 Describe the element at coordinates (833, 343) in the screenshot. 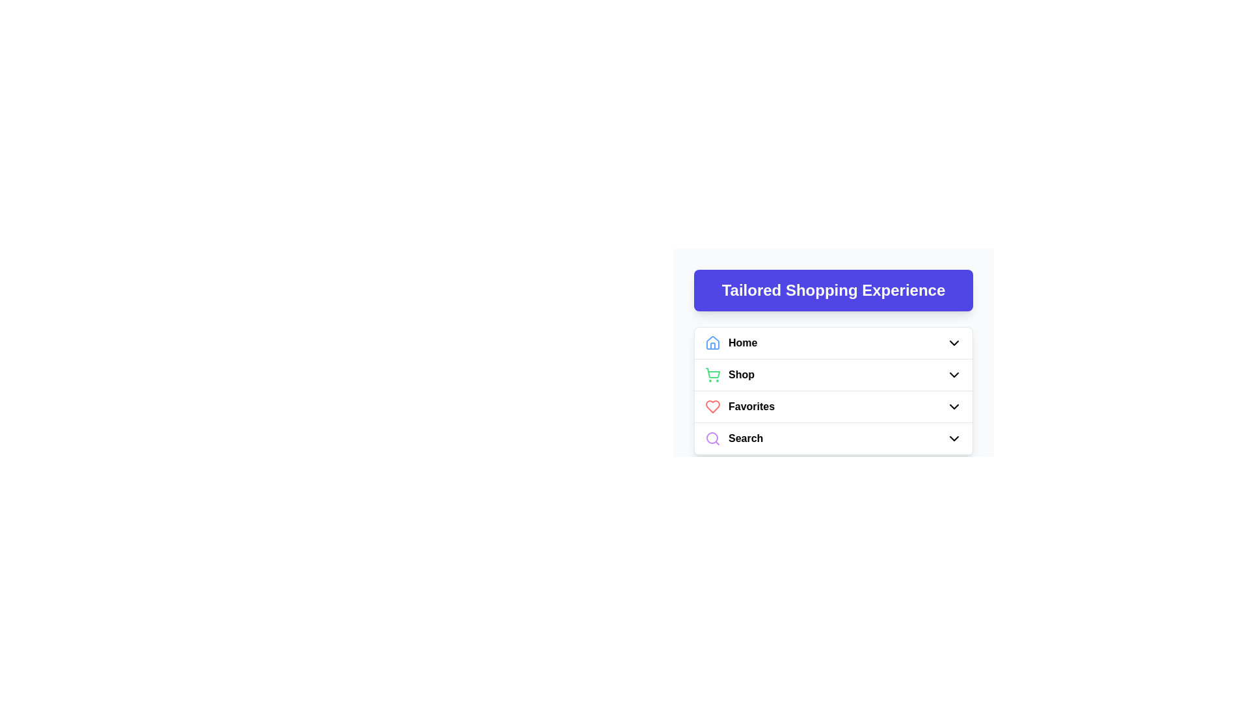

I see `the 'Home' button in the vertical menu list` at that location.